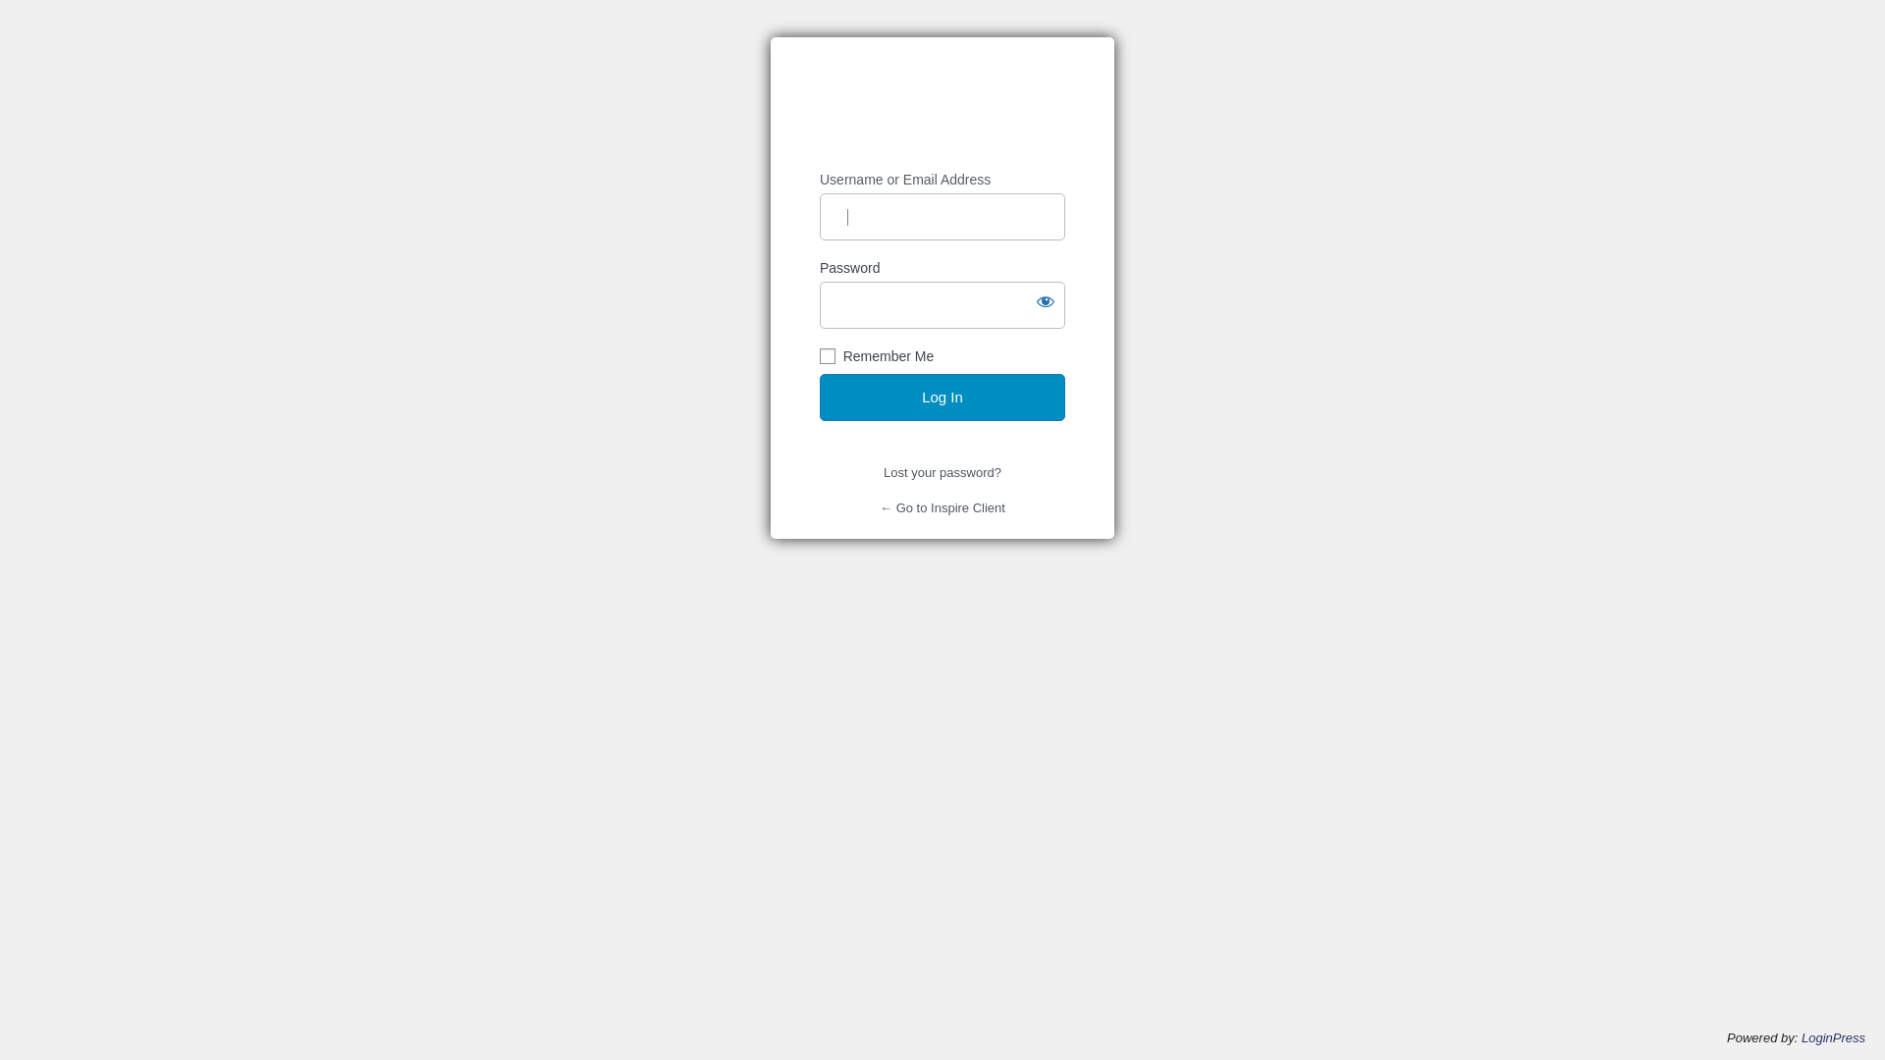  Describe the element at coordinates (820, 397) in the screenshot. I see `'Log In'` at that location.